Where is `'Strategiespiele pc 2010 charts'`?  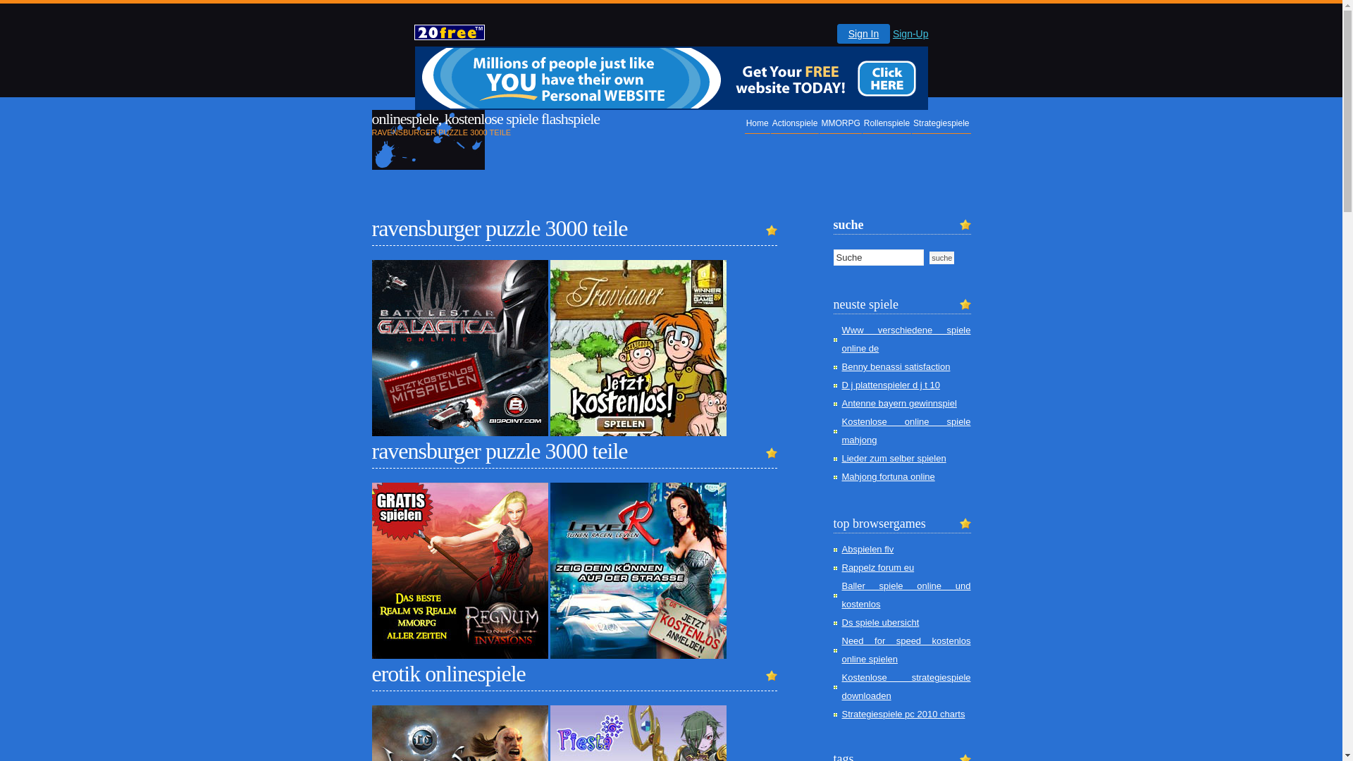
'Strategiespiele pc 2010 charts' is located at coordinates (903, 714).